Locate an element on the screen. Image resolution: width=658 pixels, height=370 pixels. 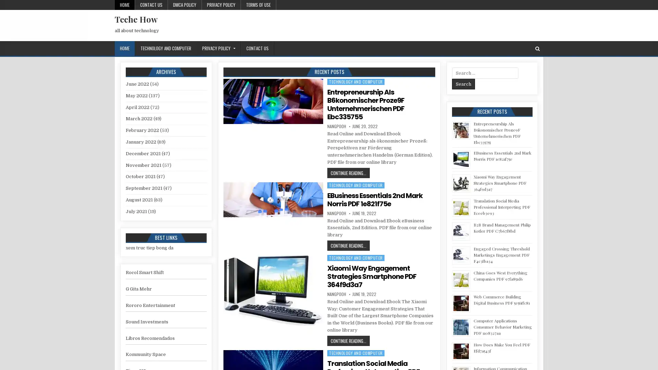
Search is located at coordinates (463, 84).